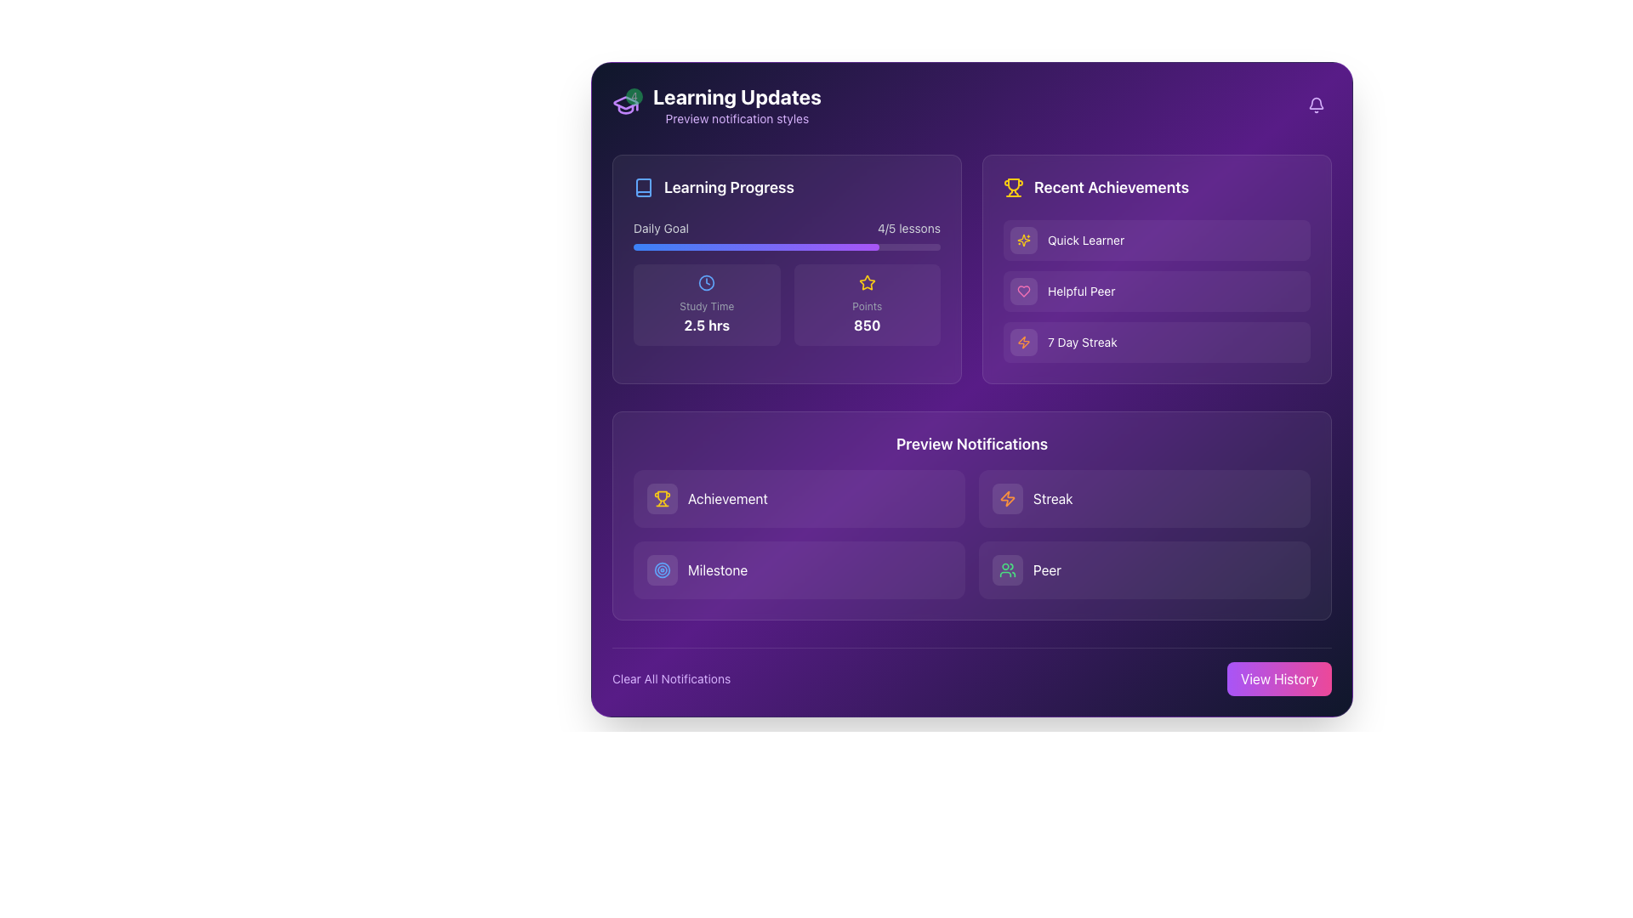  Describe the element at coordinates (1008, 497) in the screenshot. I see `streak icon located in the lower section of the interface within the 'Preview Notifications' tab, which is positioned left of the 'Streak' label` at that location.